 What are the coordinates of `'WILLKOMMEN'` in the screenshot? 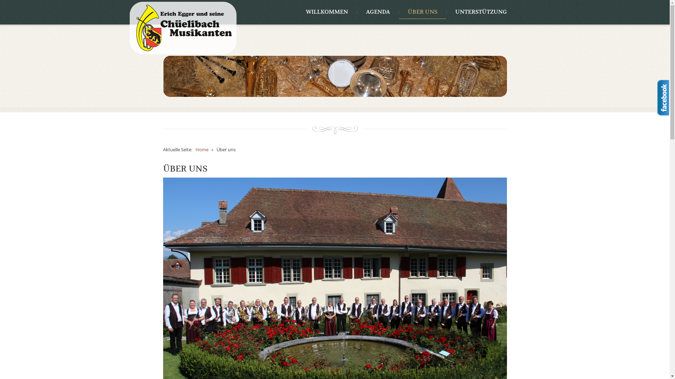 It's located at (326, 12).